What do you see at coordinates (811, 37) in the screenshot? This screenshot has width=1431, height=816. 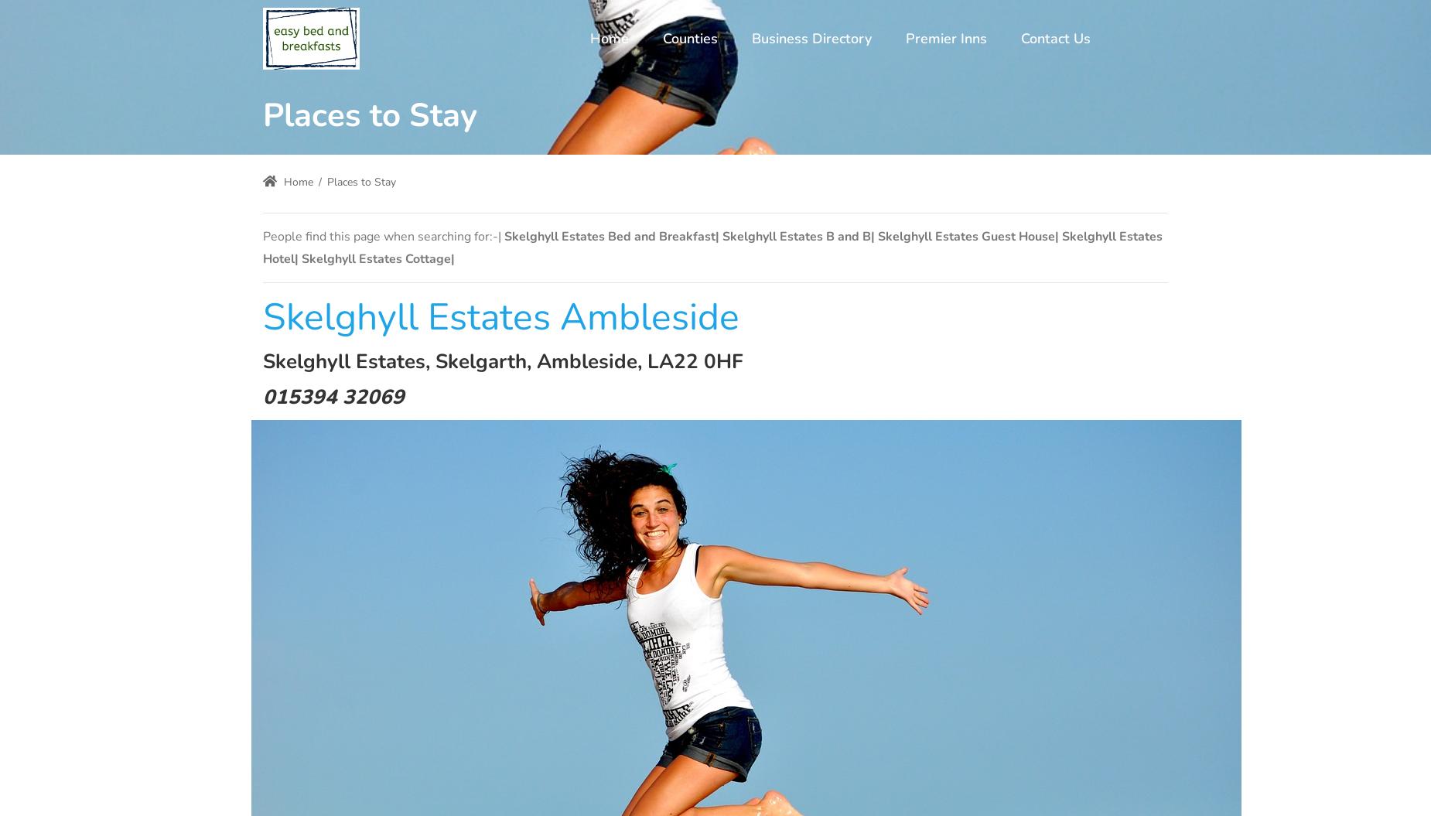 I see `'Business Directory'` at bounding box center [811, 37].